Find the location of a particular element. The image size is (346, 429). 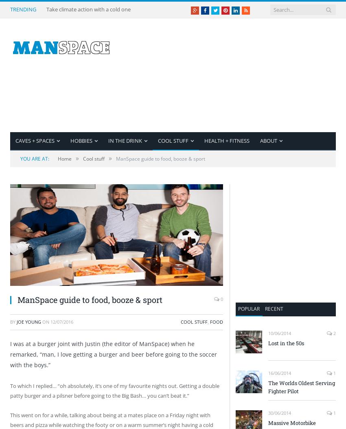

'Lost in the 50s' is located at coordinates (286, 343).